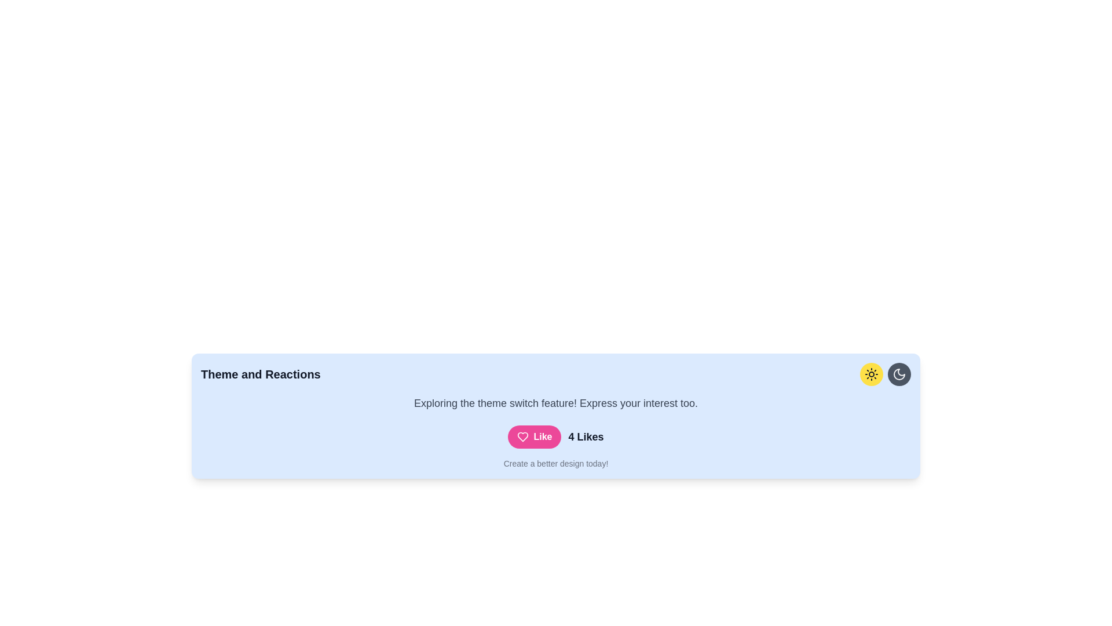 The image size is (1112, 626). What do you see at coordinates (899, 374) in the screenshot?
I see `the crescent moon icon located at the far right of the toolbar` at bounding box center [899, 374].